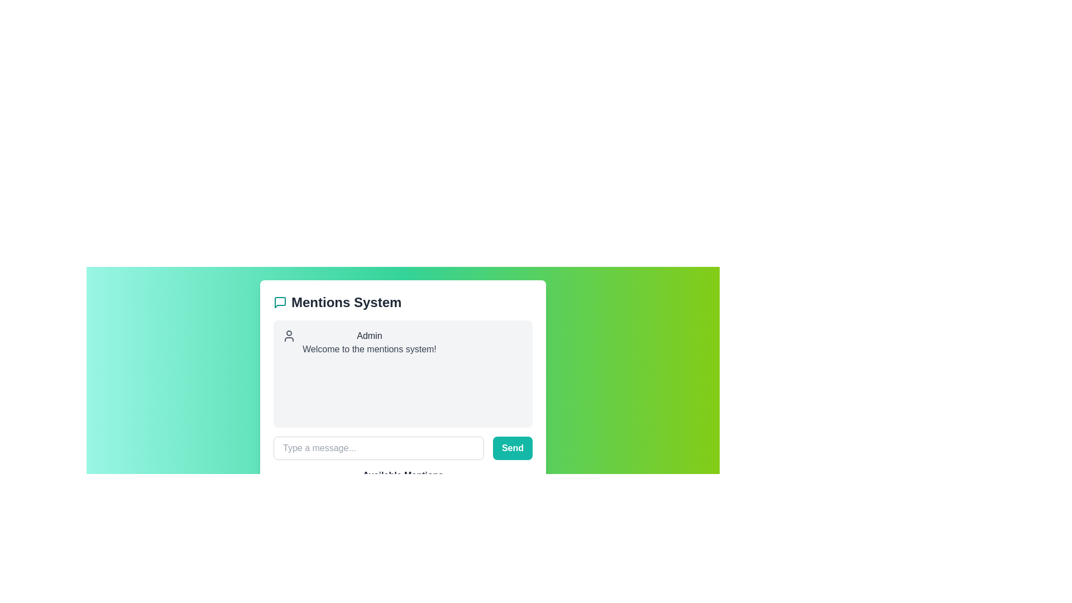  Describe the element at coordinates (280, 303) in the screenshot. I see `the speech bubble icon representing the 'Mentions System', located next to the text 'Mentions System' at the top-left corner of the interface` at that location.